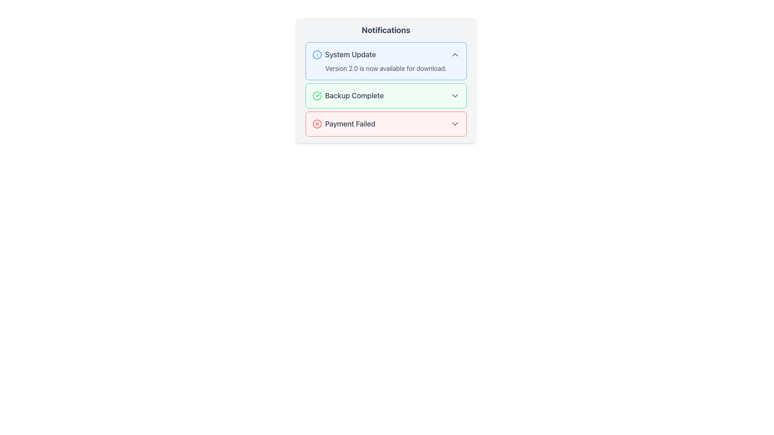 Image resolution: width=774 pixels, height=435 pixels. Describe the element at coordinates (455, 54) in the screenshot. I see `the chevron-shaped icon on the right side of the 'System Update' notification box` at that location.